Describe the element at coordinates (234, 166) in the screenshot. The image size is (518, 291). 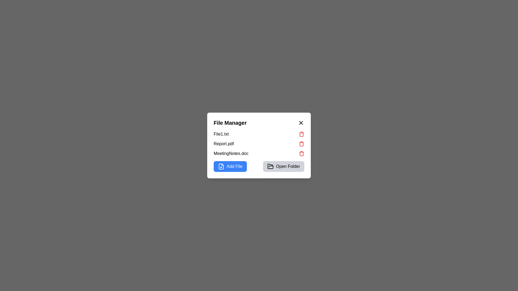
I see `the 'Add File' button located at the bottom-left corner of the 'File Manager' dialog box` at that location.